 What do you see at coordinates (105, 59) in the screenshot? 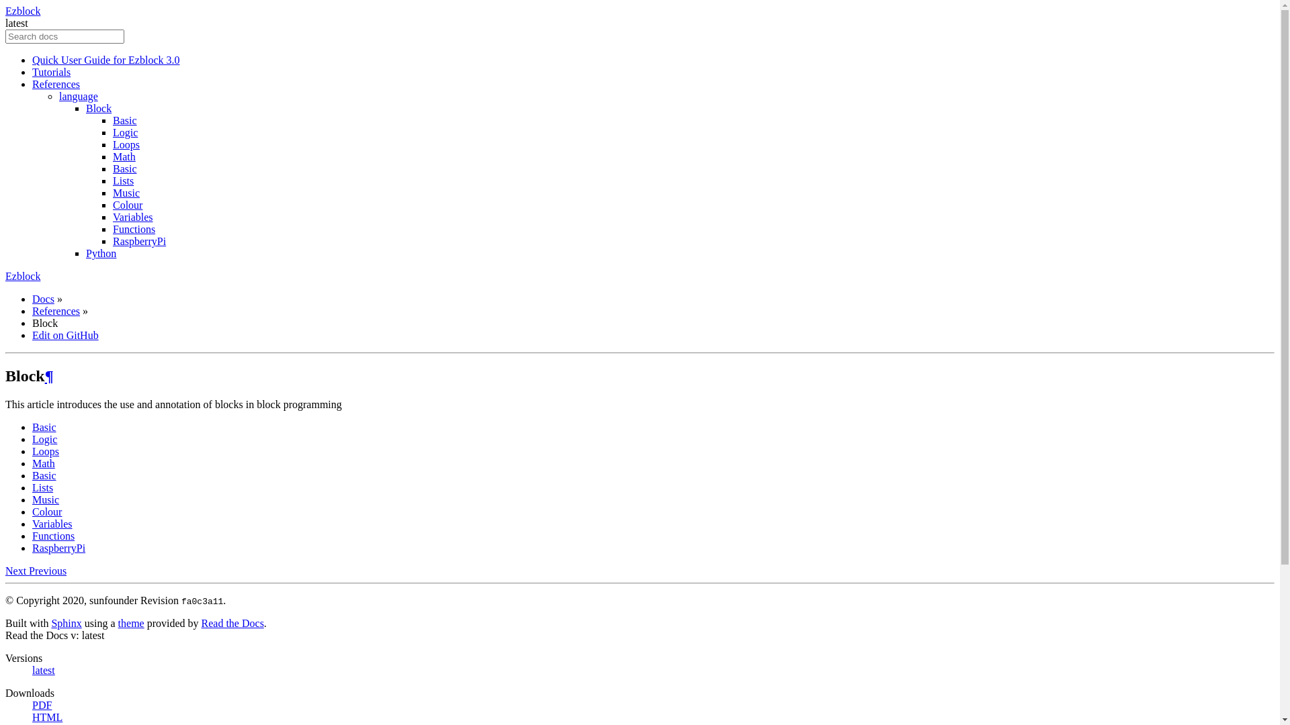
I see `'Quick User Guide for Ezblock 3.0'` at bounding box center [105, 59].